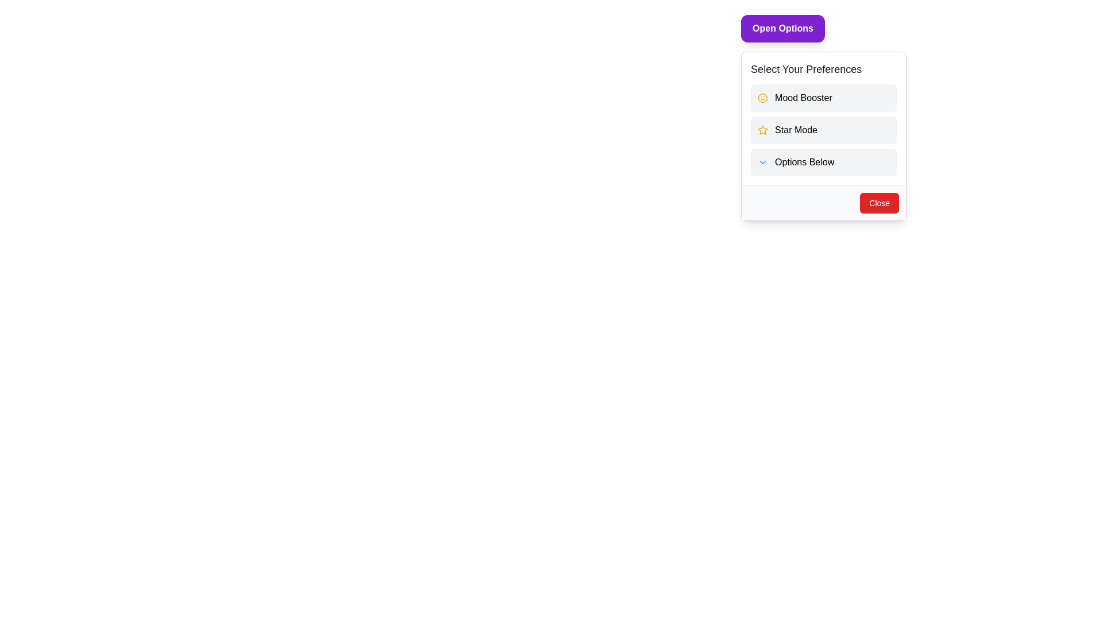 The image size is (1103, 620). Describe the element at coordinates (823, 119) in the screenshot. I see `the selectable menu option labeled 'Star Mode'` at that location.